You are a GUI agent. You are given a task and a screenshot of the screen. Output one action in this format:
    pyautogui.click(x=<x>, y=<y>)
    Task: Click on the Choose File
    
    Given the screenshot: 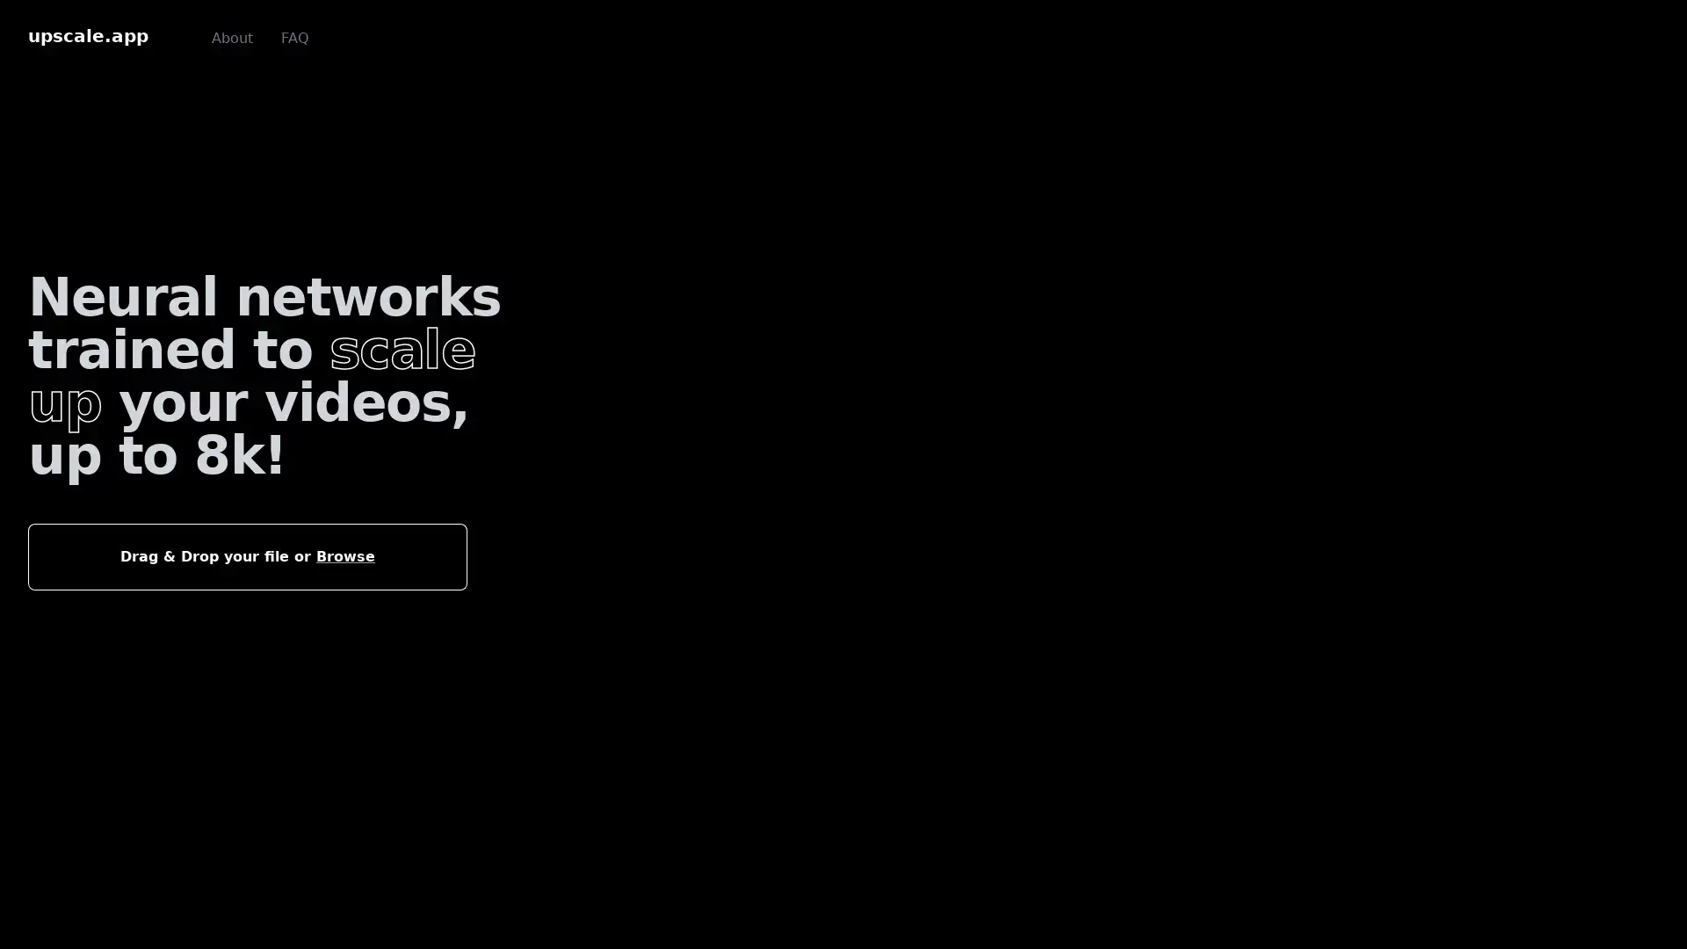 What is the action you would take?
    pyautogui.click(x=34, y=525)
    